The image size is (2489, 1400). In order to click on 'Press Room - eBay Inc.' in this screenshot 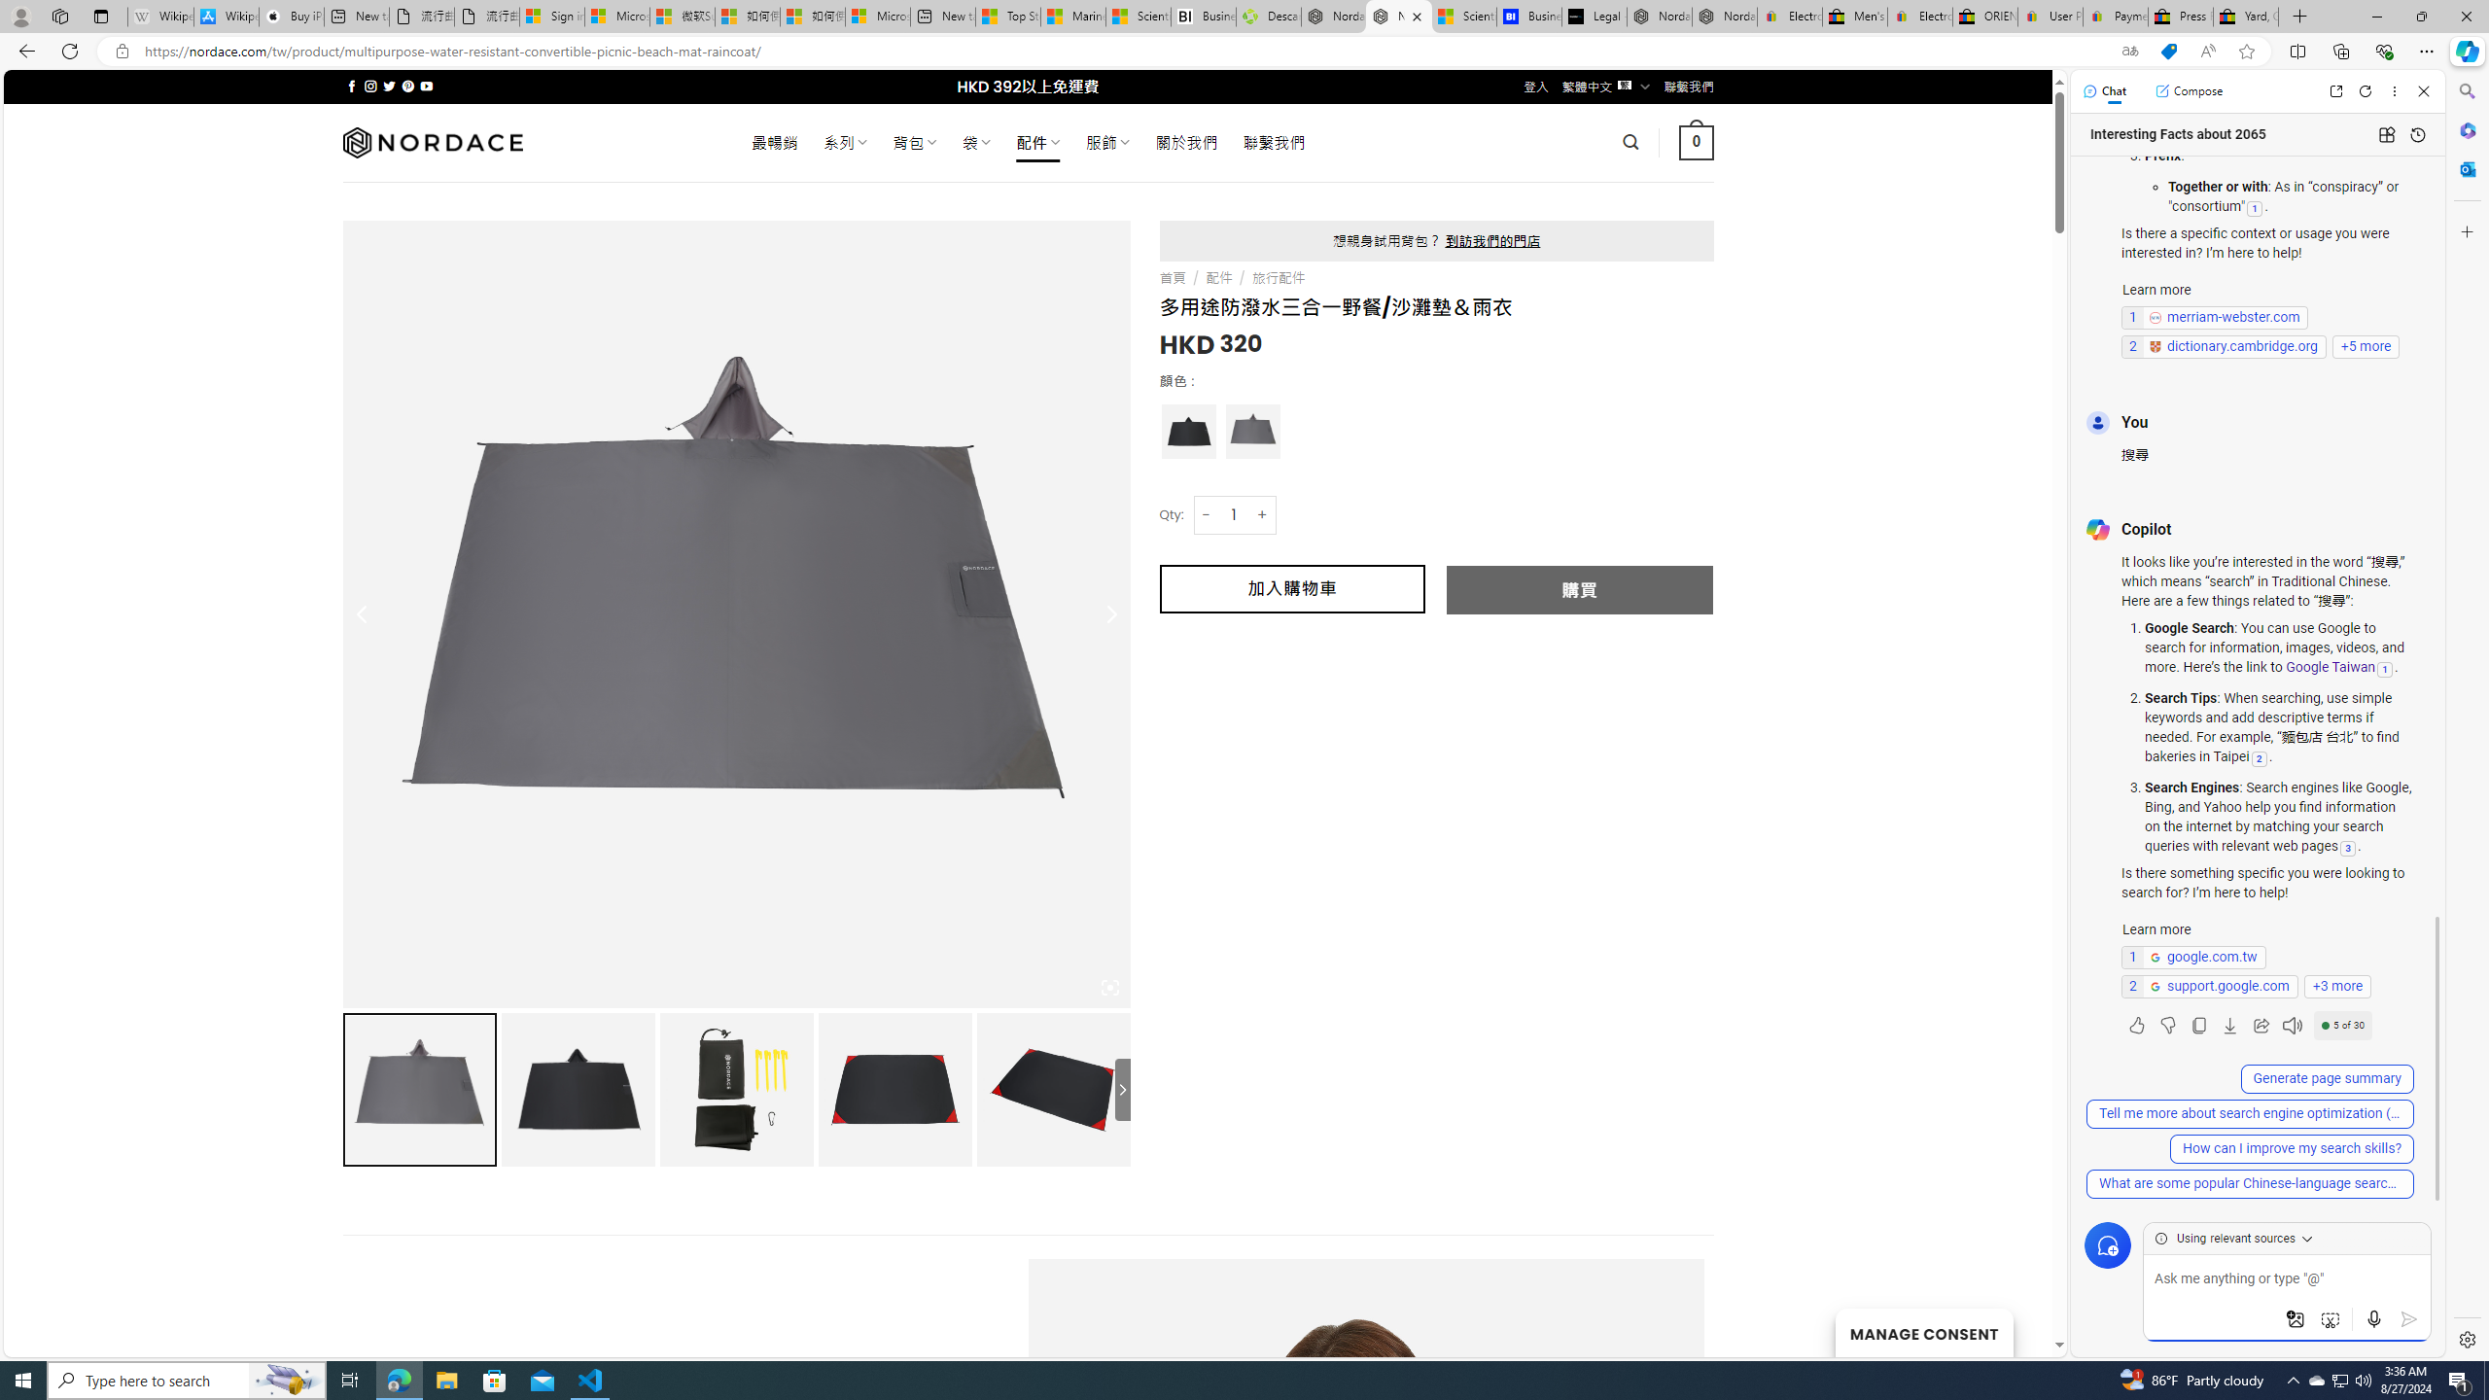, I will do `click(2180, 16)`.